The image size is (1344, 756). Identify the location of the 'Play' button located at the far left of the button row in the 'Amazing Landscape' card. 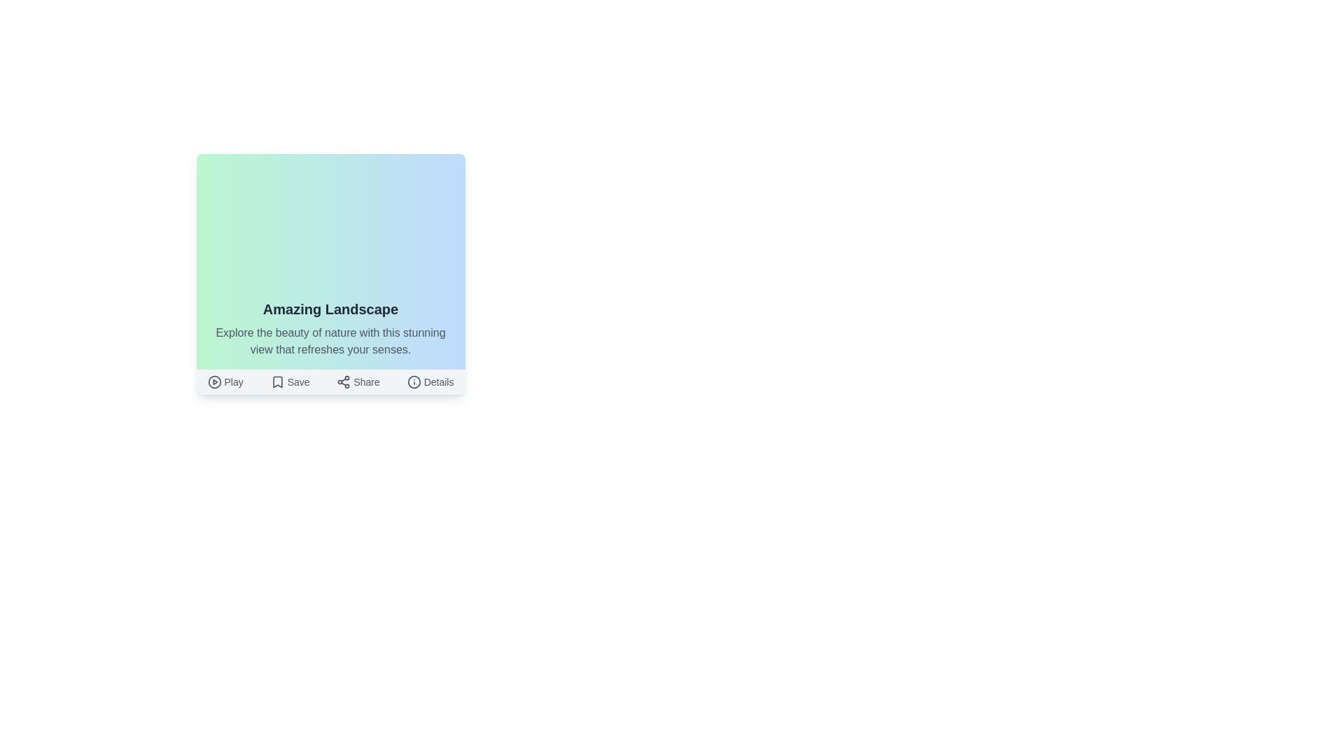
(225, 382).